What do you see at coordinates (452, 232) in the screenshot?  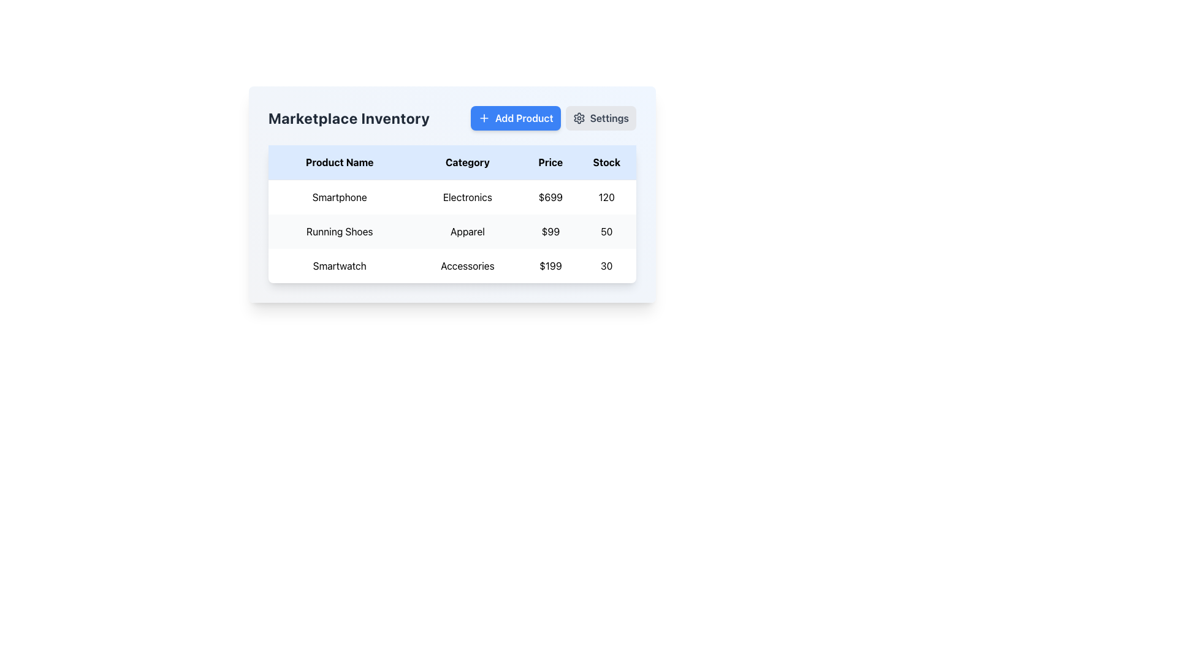 I see `to select the second row in the product table, which displays structured information about a product, positioned between the rows for 'Smartphone' and 'Smartwatch'` at bounding box center [452, 232].